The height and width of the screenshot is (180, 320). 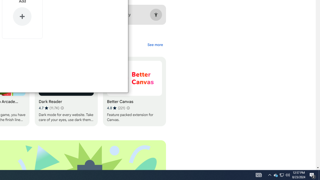 What do you see at coordinates (155, 44) in the screenshot?
I see `'See more personalized recommendations'` at bounding box center [155, 44].